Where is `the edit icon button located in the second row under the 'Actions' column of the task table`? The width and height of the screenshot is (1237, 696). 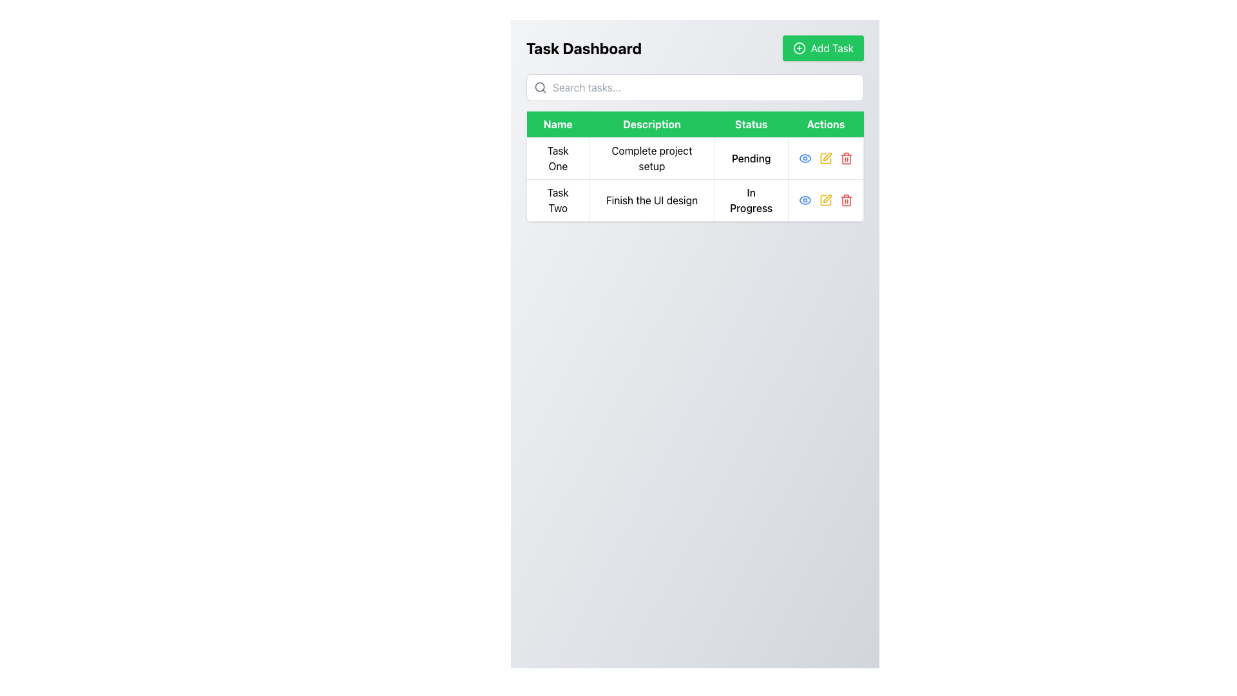
the edit icon button located in the second row under the 'Actions' column of the task table is located at coordinates (825, 200).